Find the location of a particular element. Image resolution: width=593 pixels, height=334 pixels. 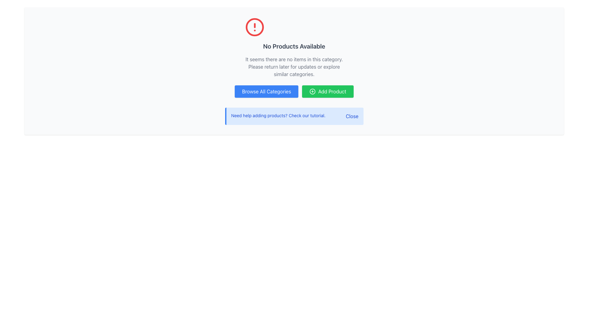

the green circular icon with a plus sign located within the 'Add Product' button, situated to the left of the text 'Add Product' is located at coordinates (313, 92).